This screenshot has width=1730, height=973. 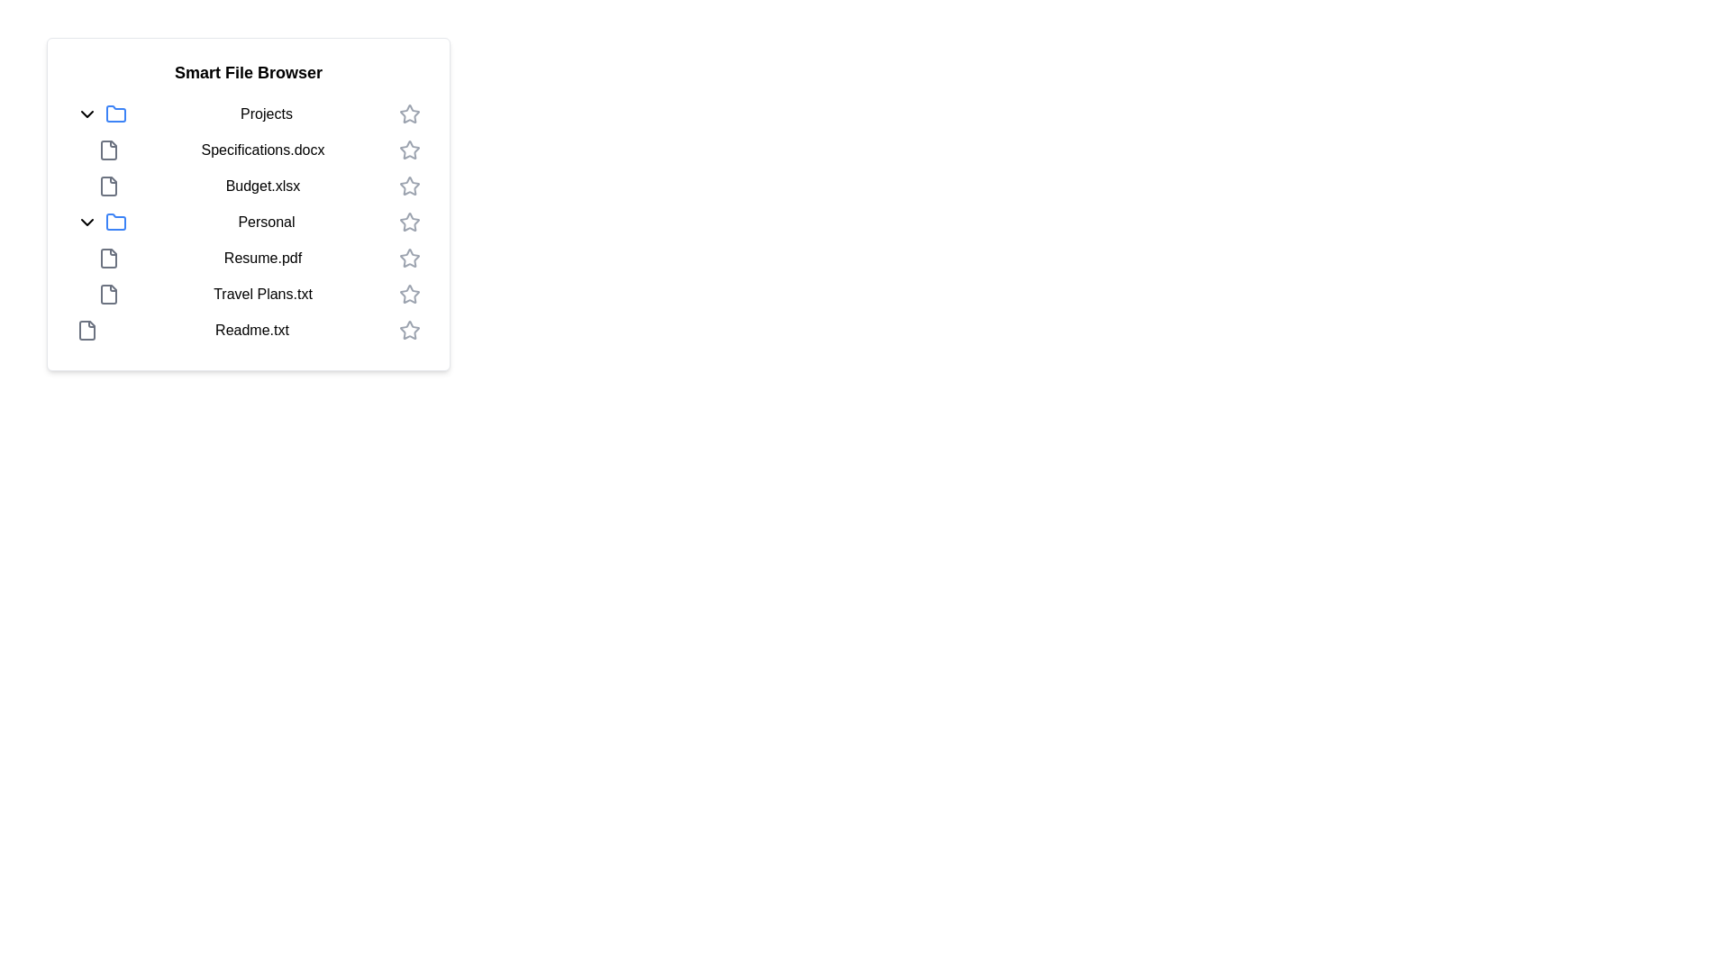 I want to click on the star icon located in the 'Personal' folder row, so click(x=409, y=221).